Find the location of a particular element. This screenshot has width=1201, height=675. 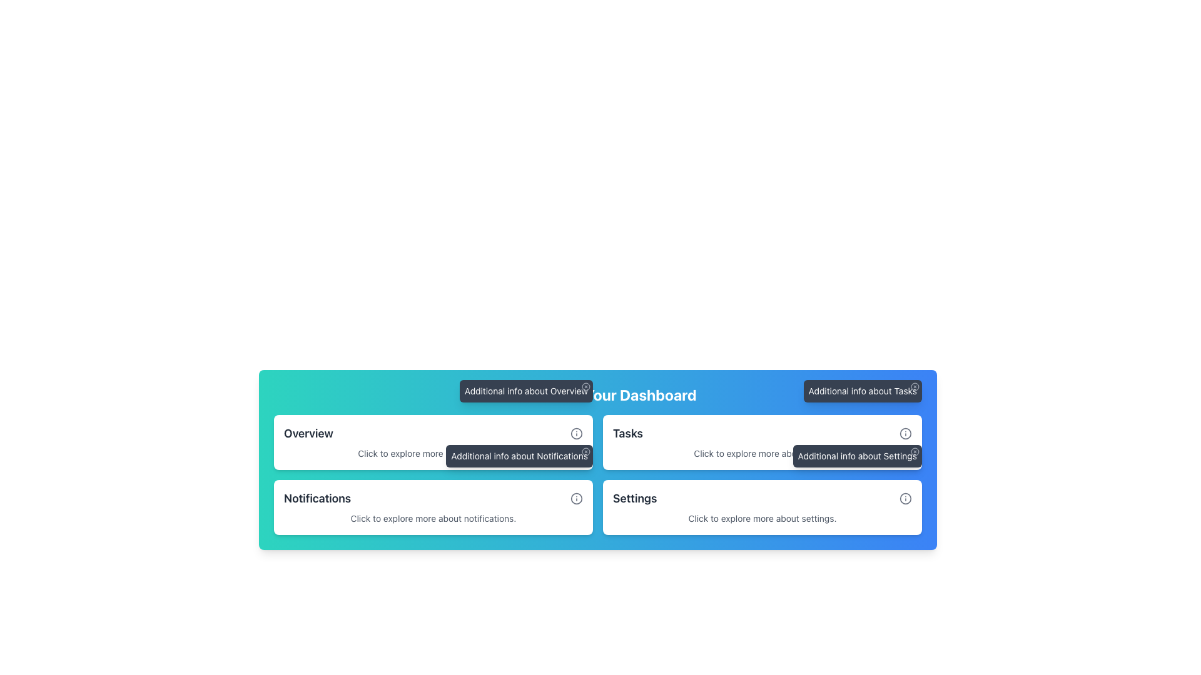

the small circular 'info' icon located to the right of the 'Settings' label at the bottom-right section of the interface is located at coordinates (906, 498).